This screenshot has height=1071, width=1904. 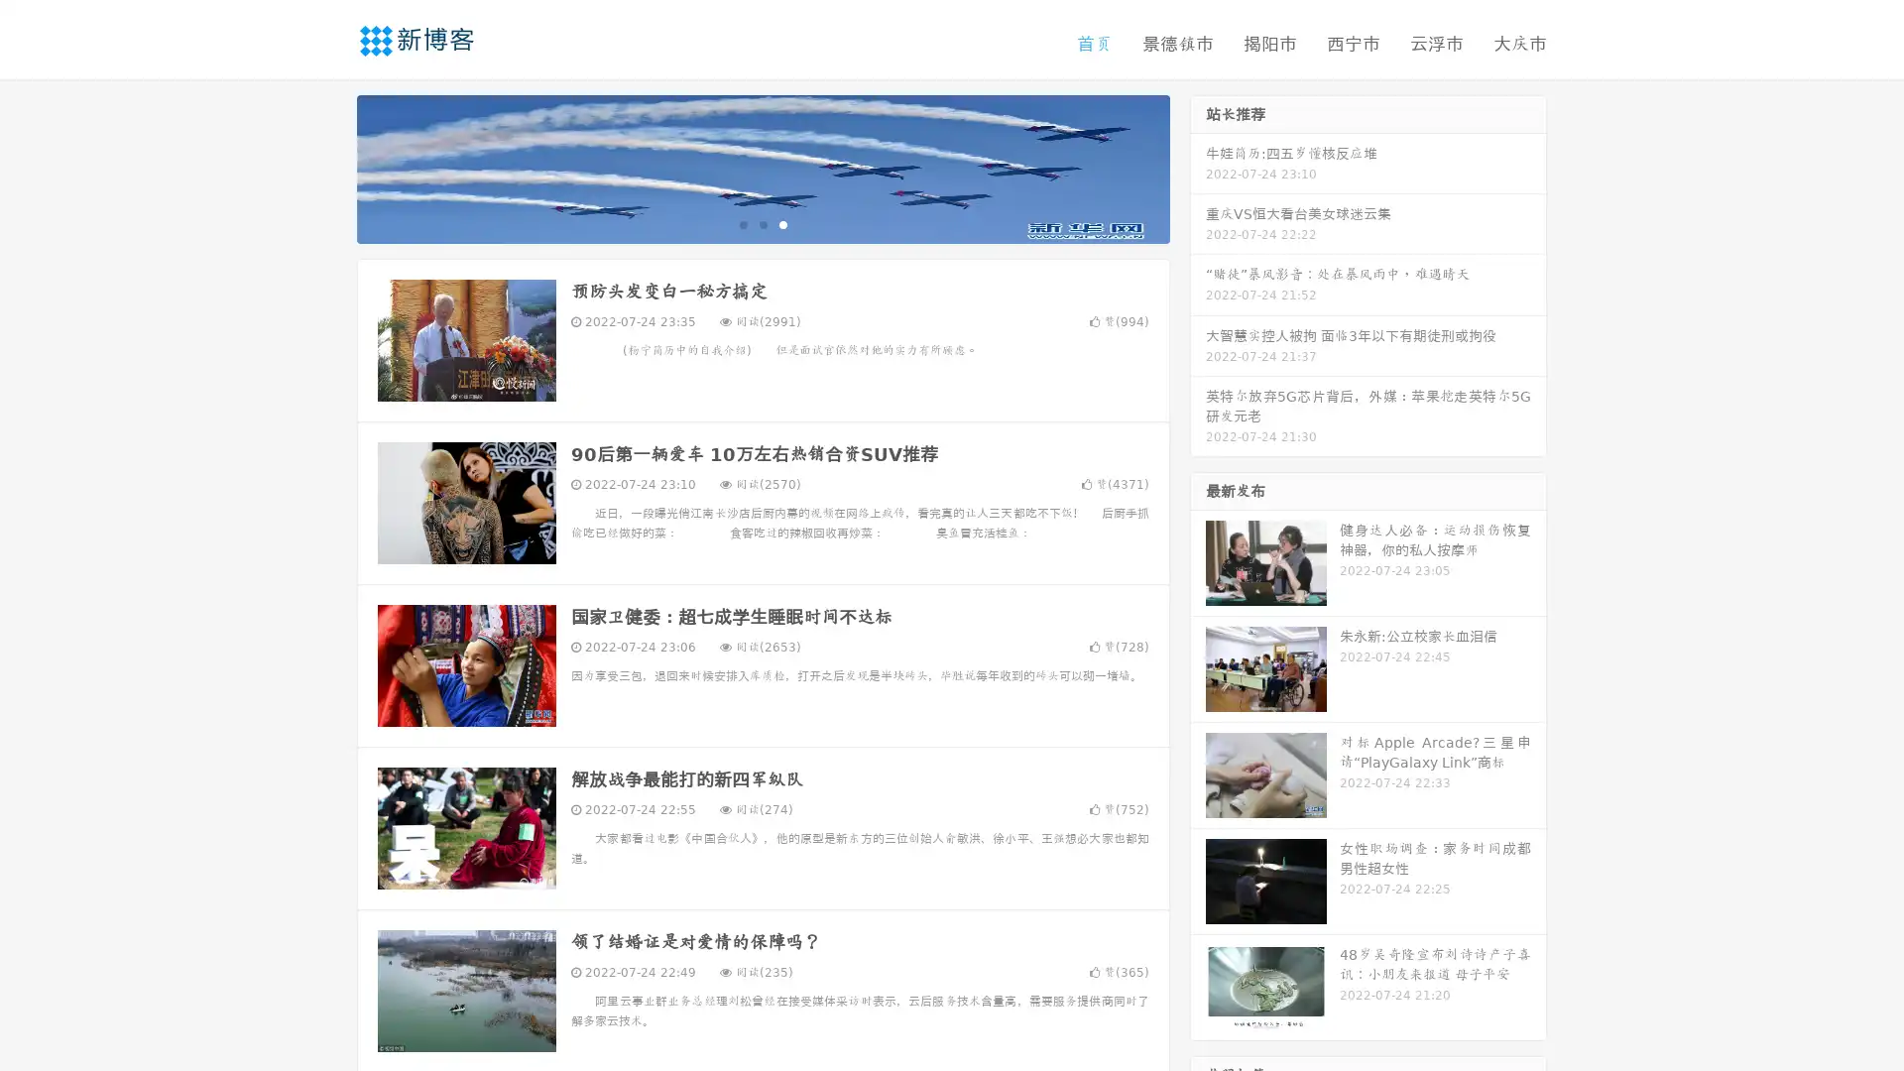 What do you see at coordinates (782, 223) in the screenshot?
I see `Go to slide 3` at bounding box center [782, 223].